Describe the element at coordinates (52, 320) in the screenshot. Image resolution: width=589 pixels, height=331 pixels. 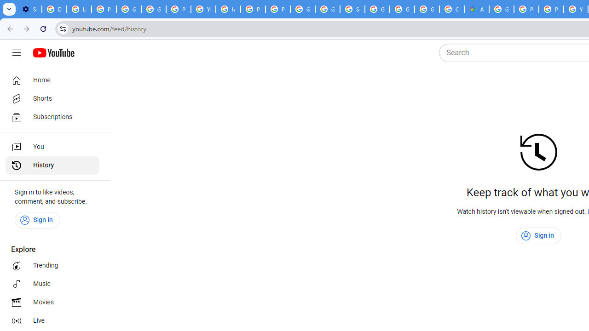
I see `'Live'` at that location.